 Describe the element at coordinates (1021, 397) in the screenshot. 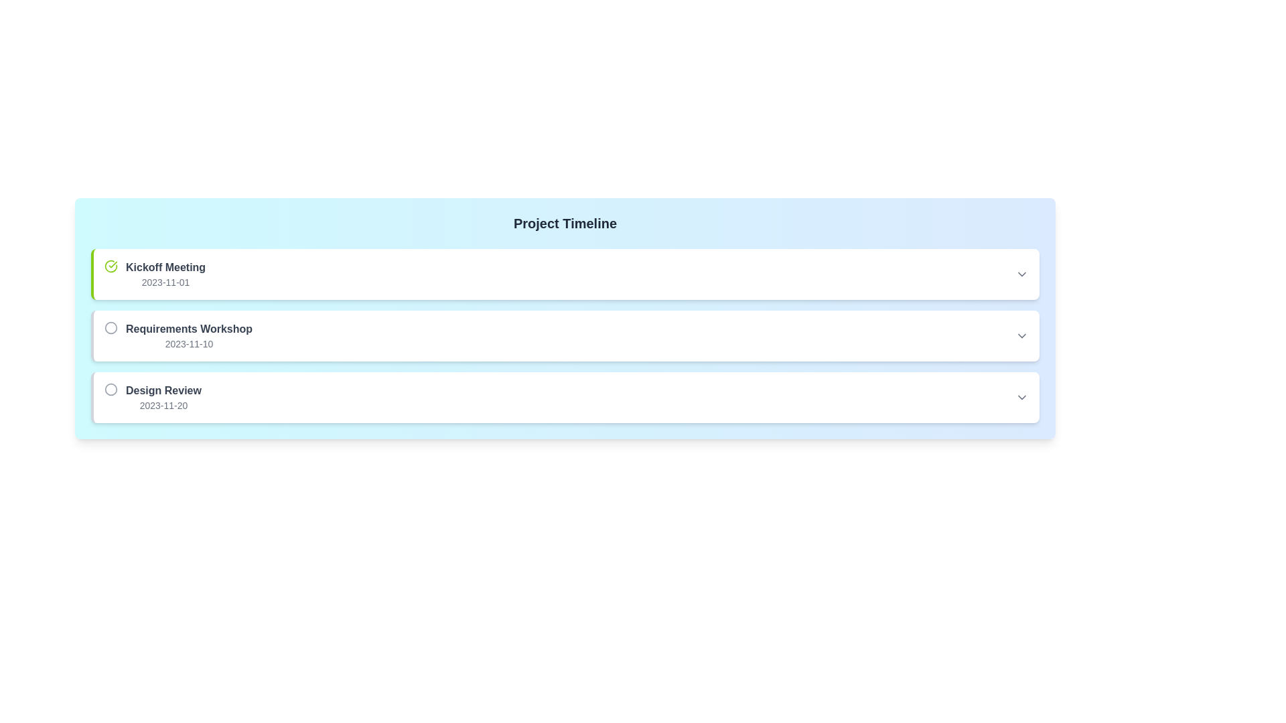

I see `the toggle or dropdown indicator icon` at that location.